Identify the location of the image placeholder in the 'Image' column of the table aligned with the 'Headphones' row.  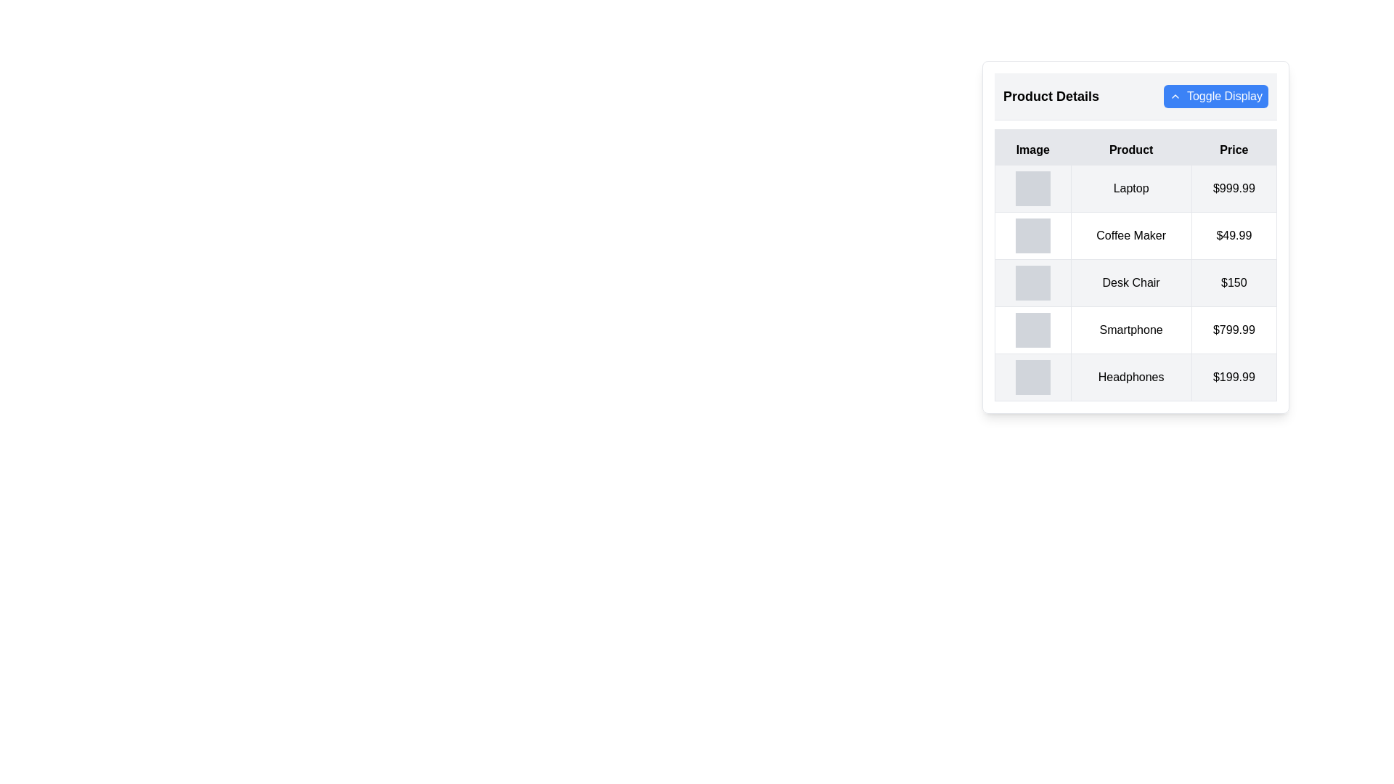
(1032, 377).